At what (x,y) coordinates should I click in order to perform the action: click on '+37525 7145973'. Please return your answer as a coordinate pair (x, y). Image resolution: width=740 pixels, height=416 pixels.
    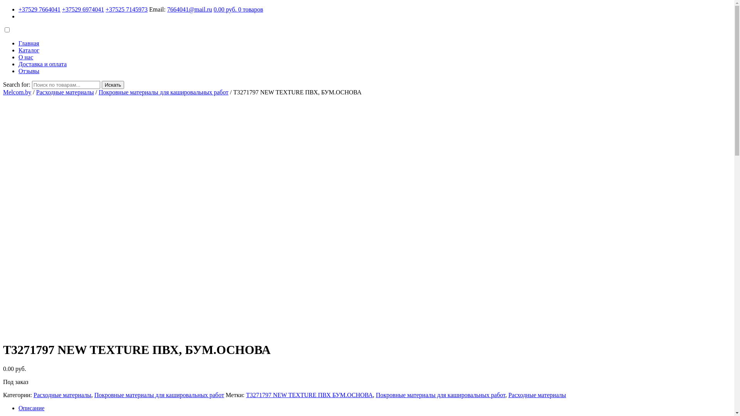
    Looking at the image, I should click on (105, 9).